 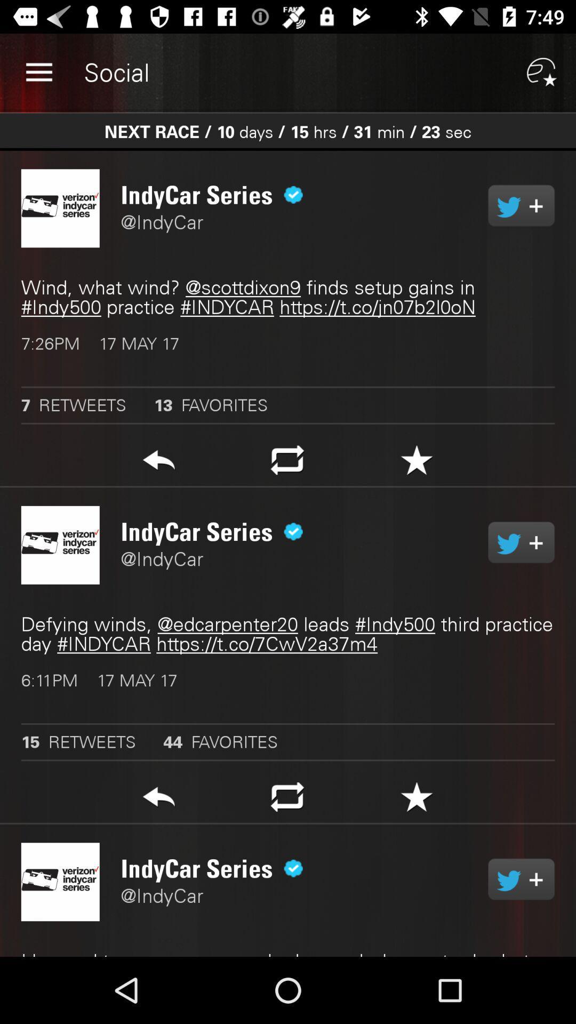 I want to click on mark as favorite, so click(x=416, y=800).